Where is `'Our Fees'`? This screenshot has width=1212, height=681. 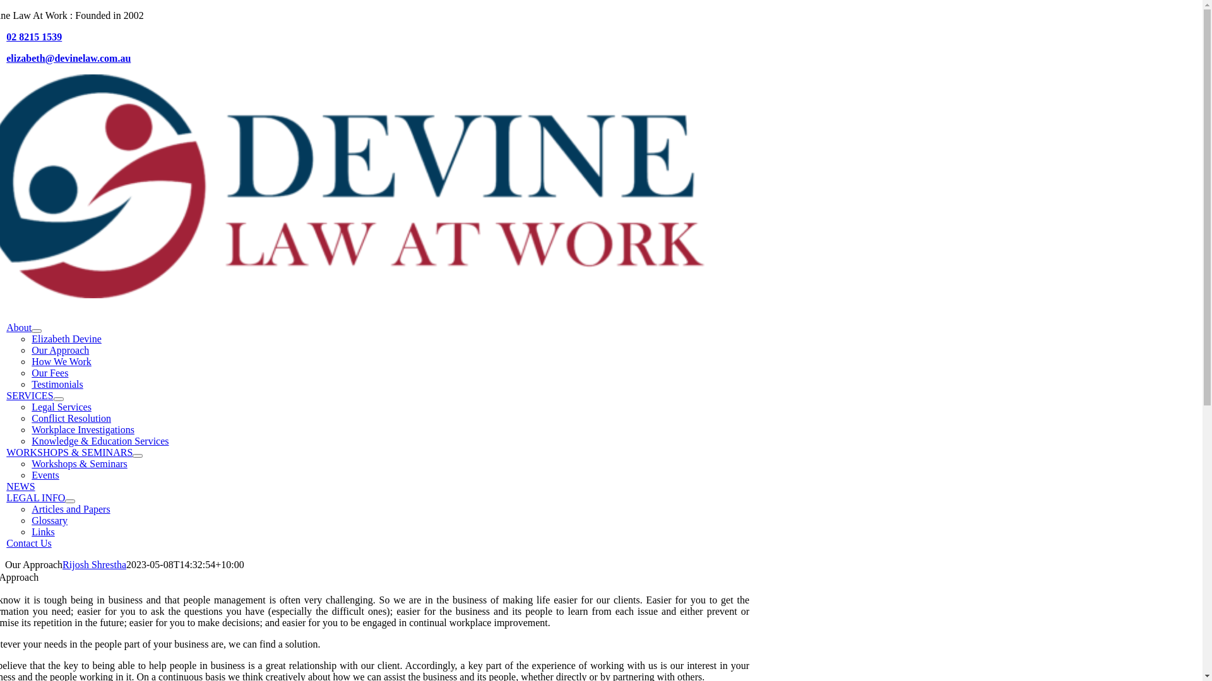 'Our Fees' is located at coordinates (49, 372).